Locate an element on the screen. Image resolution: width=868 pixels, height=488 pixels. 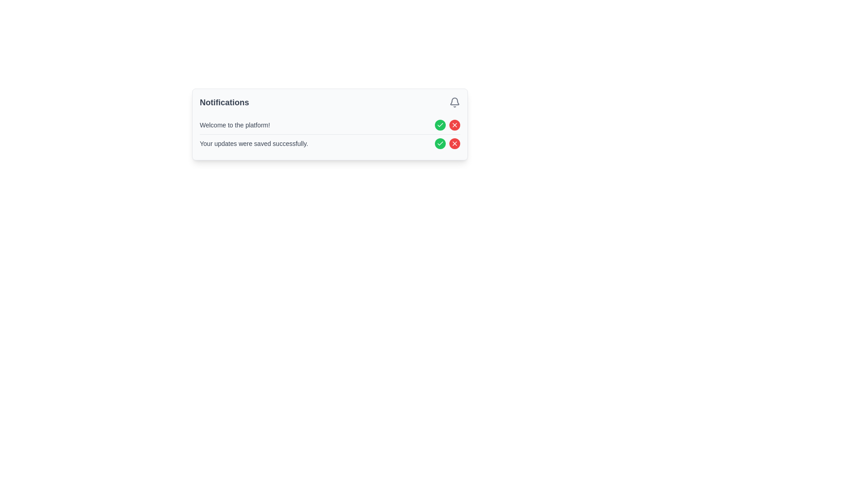
the close button located to the right of the notification message in the notification panel, which is the red cross icon is located at coordinates (455, 143).